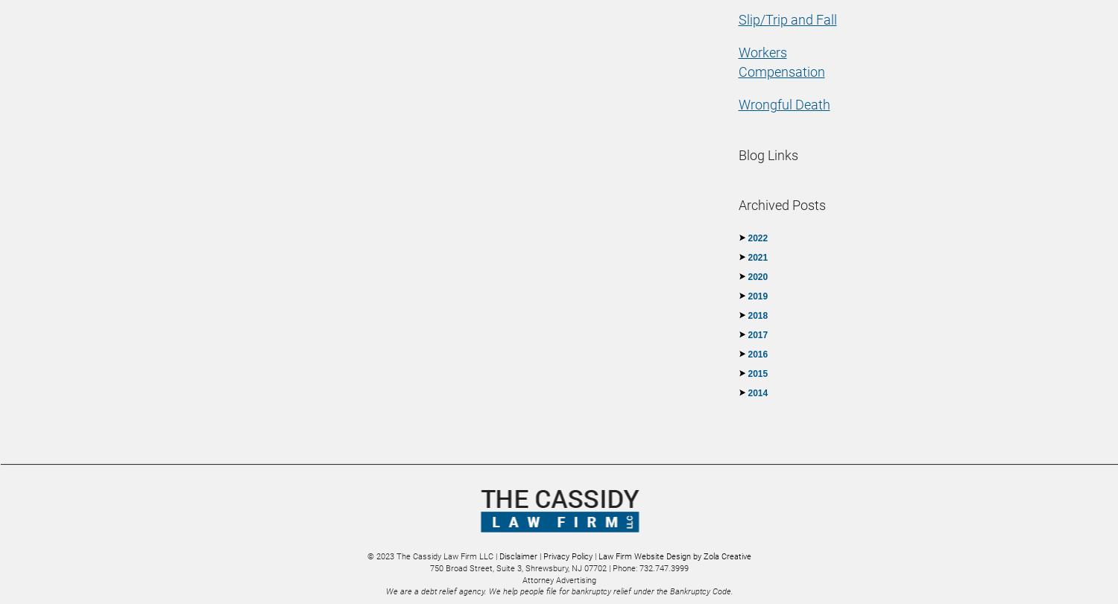 This screenshot has height=604, width=1118. What do you see at coordinates (397, 555) in the screenshot?
I see `'The Cassidy Law Firm LLC'` at bounding box center [397, 555].